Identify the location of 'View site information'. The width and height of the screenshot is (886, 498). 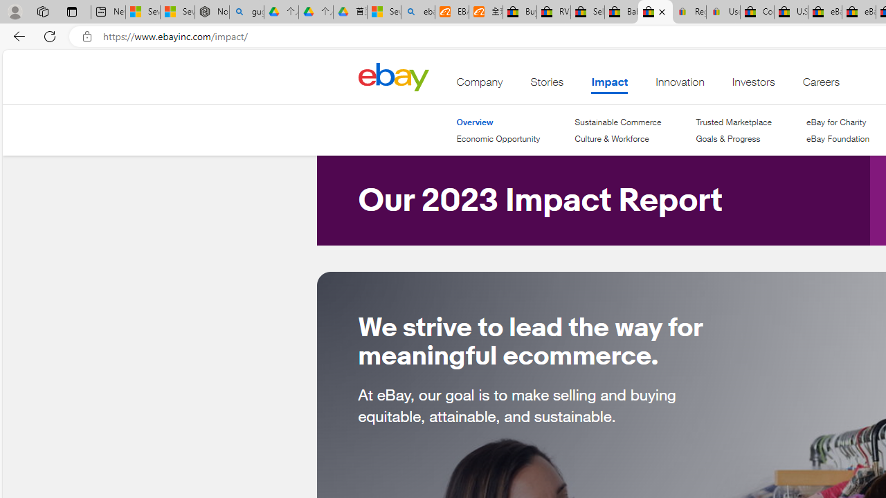
(87, 36).